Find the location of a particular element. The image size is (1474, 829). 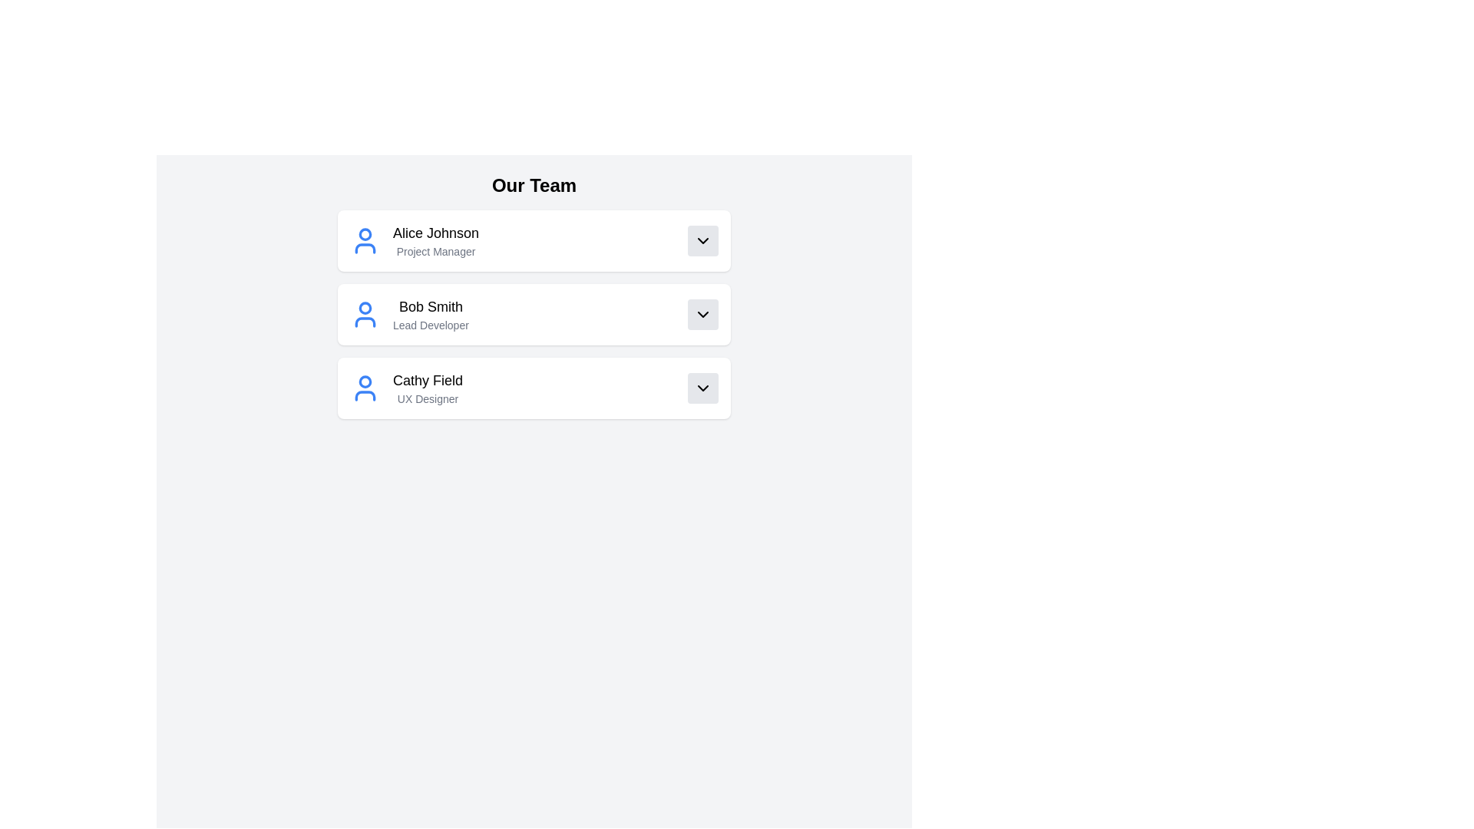

the Label Group displaying user identification information for the third team member under 'Our Team', which provides the name and professional title is located at coordinates (406, 387).